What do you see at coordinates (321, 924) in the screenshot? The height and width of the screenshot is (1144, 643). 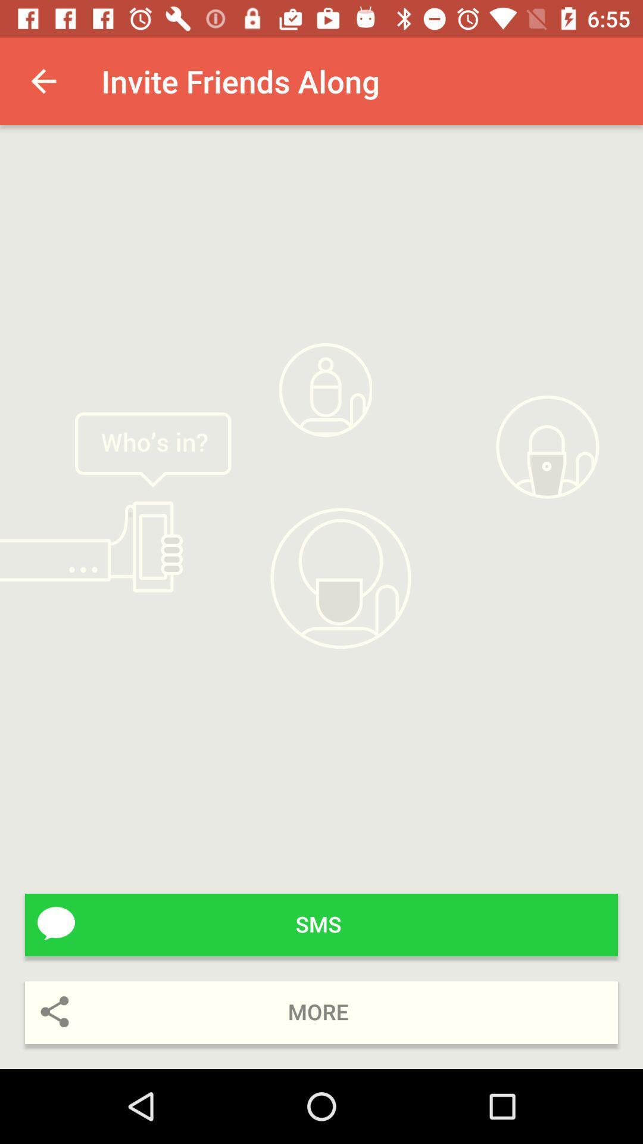 I see `icon above more icon` at bounding box center [321, 924].